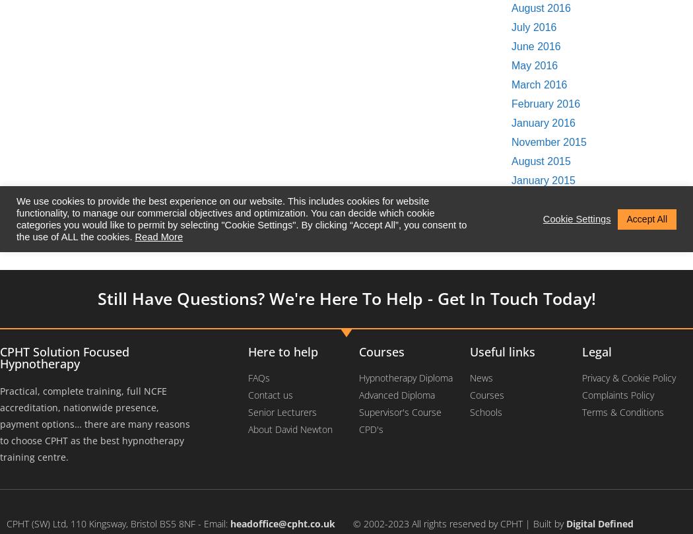 The width and height of the screenshot is (693, 534). I want to click on 'Read More', so click(158, 237).